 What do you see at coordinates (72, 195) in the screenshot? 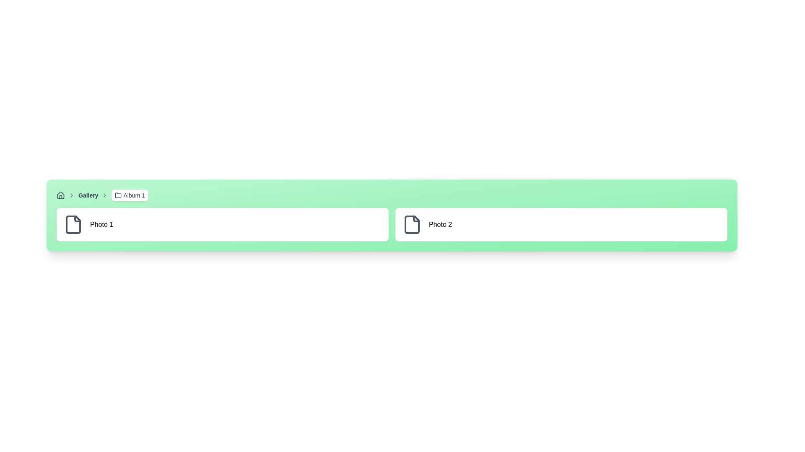
I see `first chevron icon in the breadcrumb navigation bar, located between the home icon and the text 'Gallery', for visual purposes` at bounding box center [72, 195].